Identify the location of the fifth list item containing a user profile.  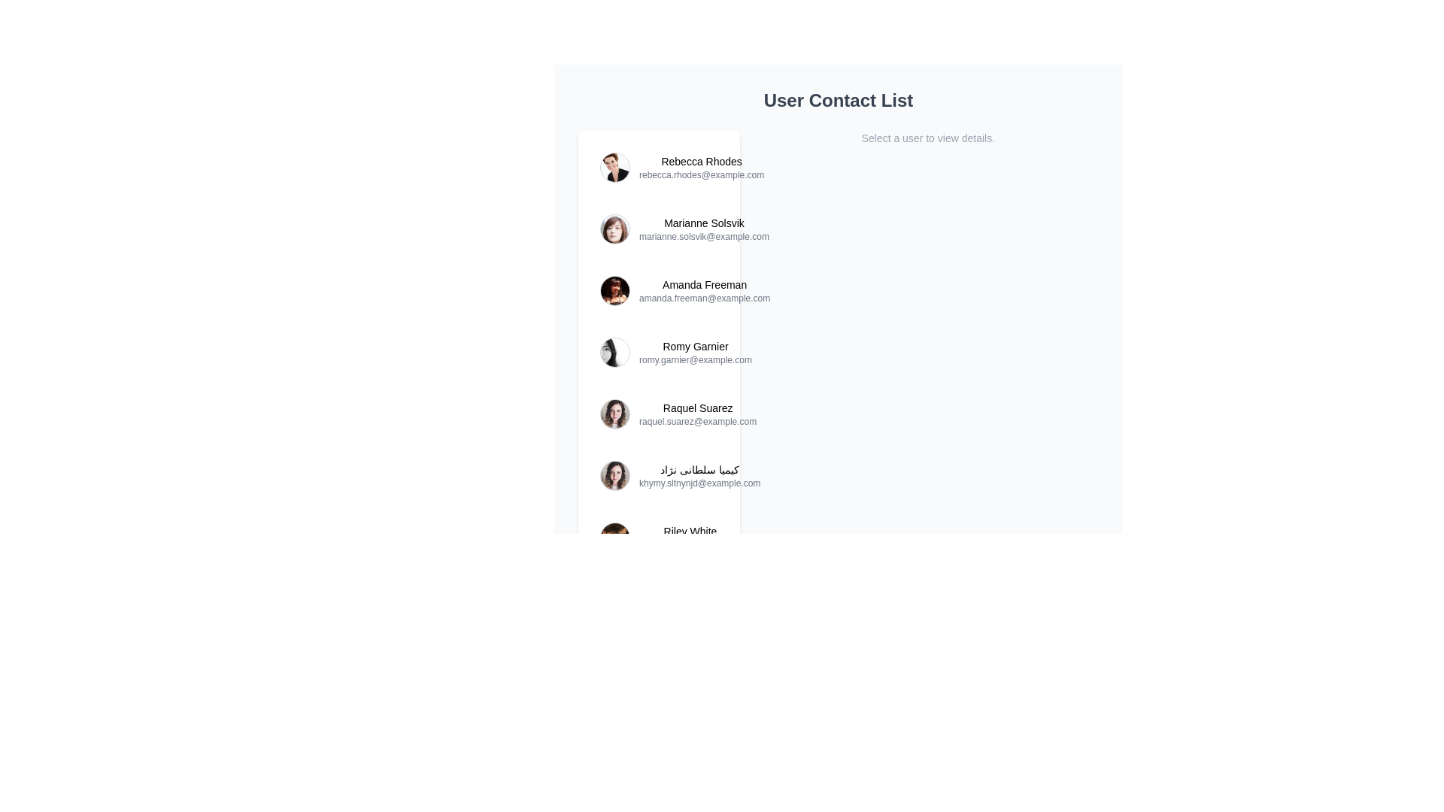
(658, 414).